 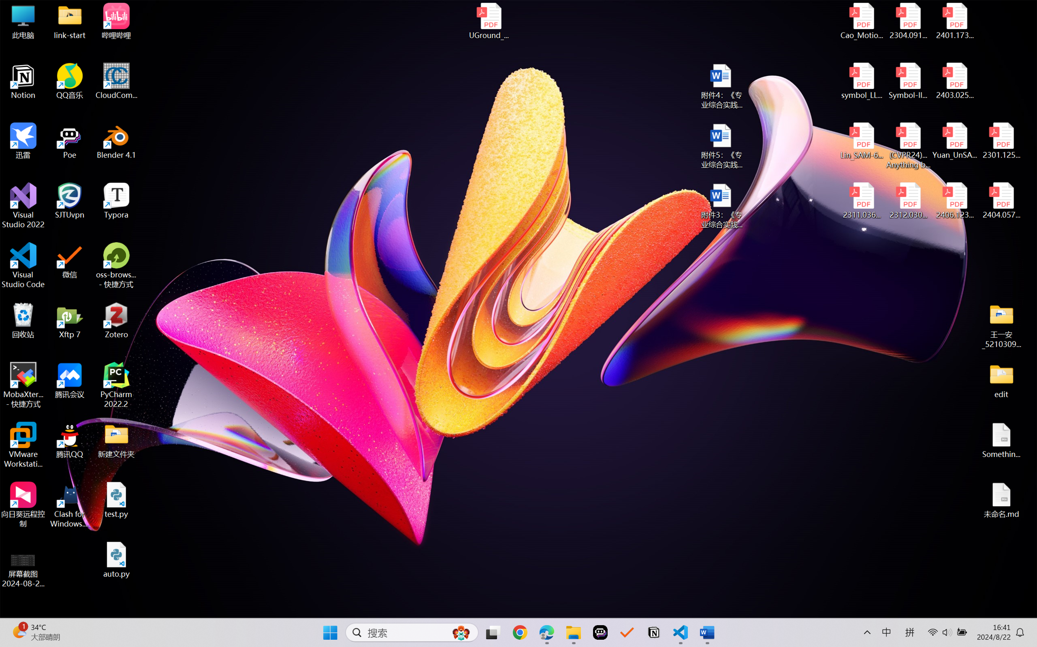 I want to click on 'UGround_paper.pdf', so click(x=489, y=21).